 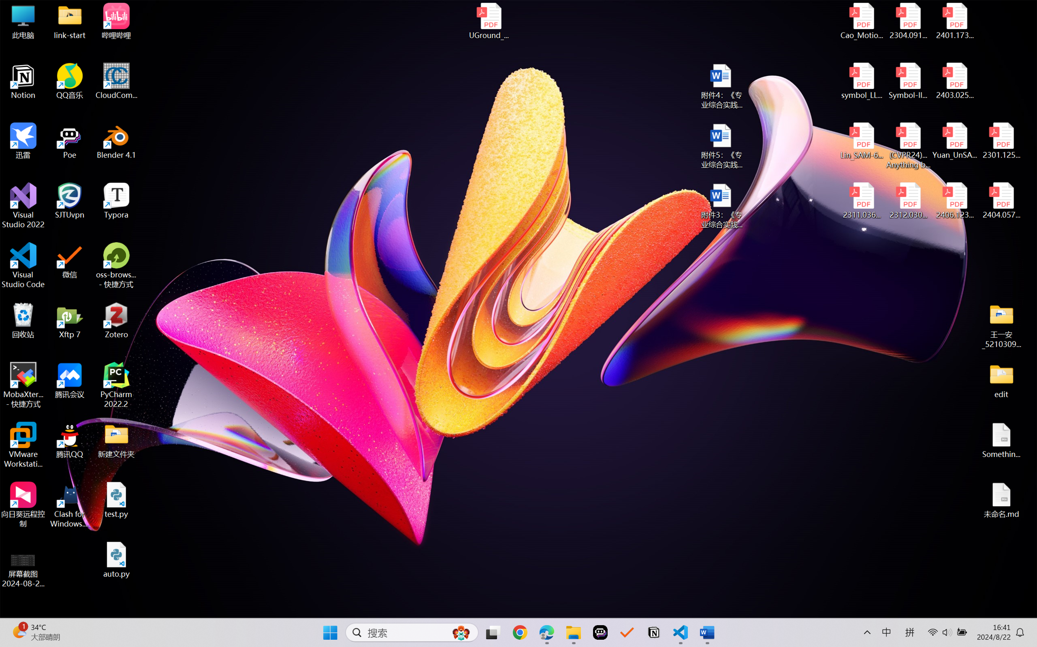 I want to click on 'UGround_paper.pdf', so click(x=489, y=21).